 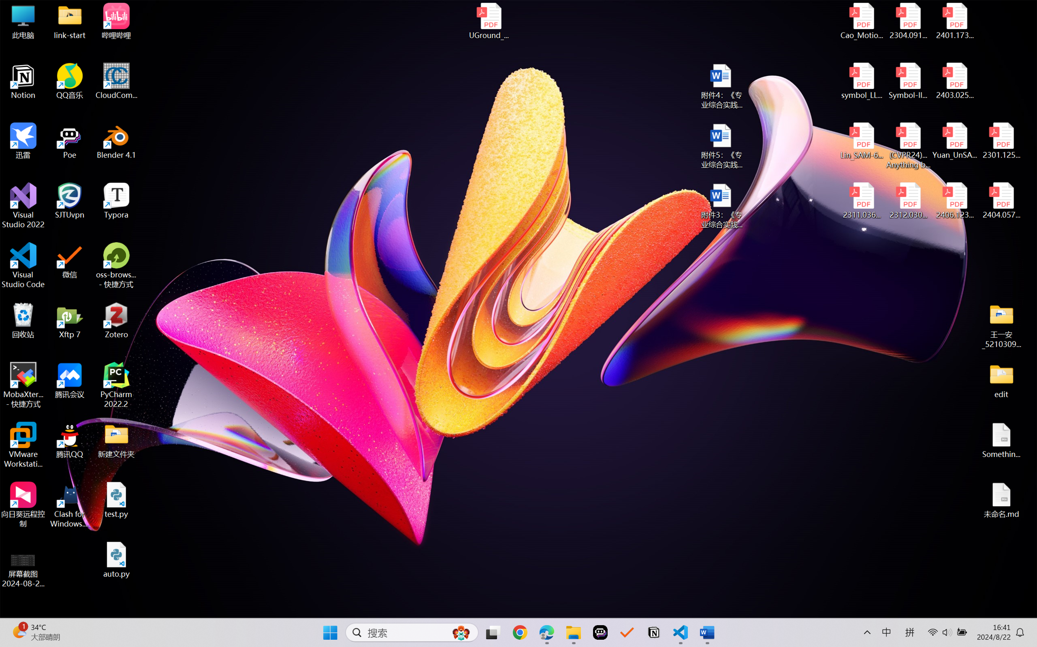 I want to click on 'UGround_paper.pdf', so click(x=489, y=21).